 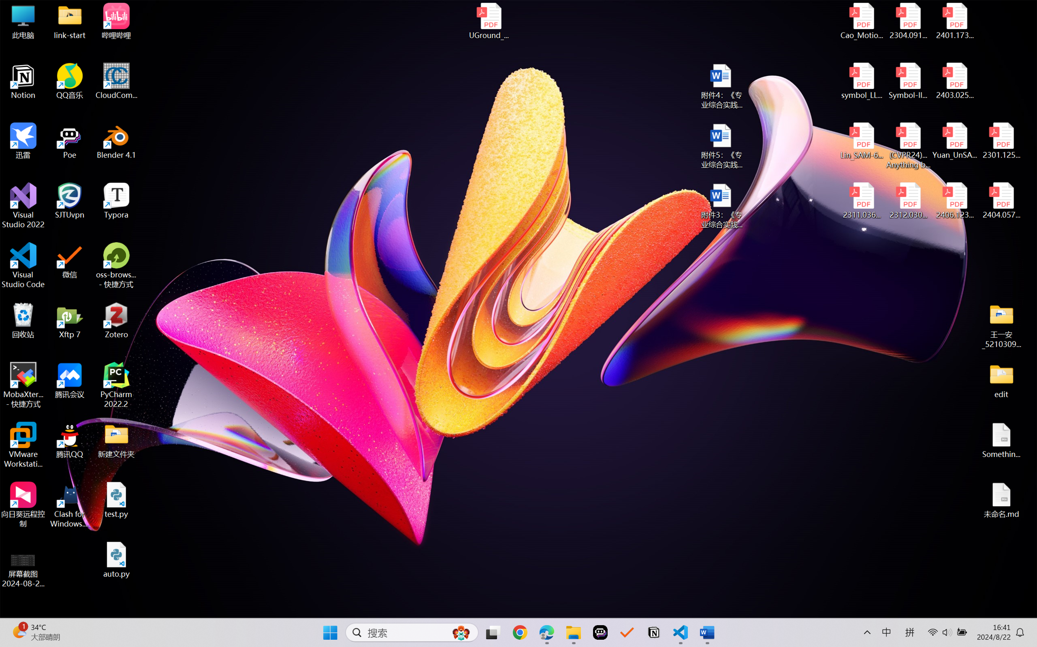 I want to click on 'UGround_paper.pdf', so click(x=489, y=21).